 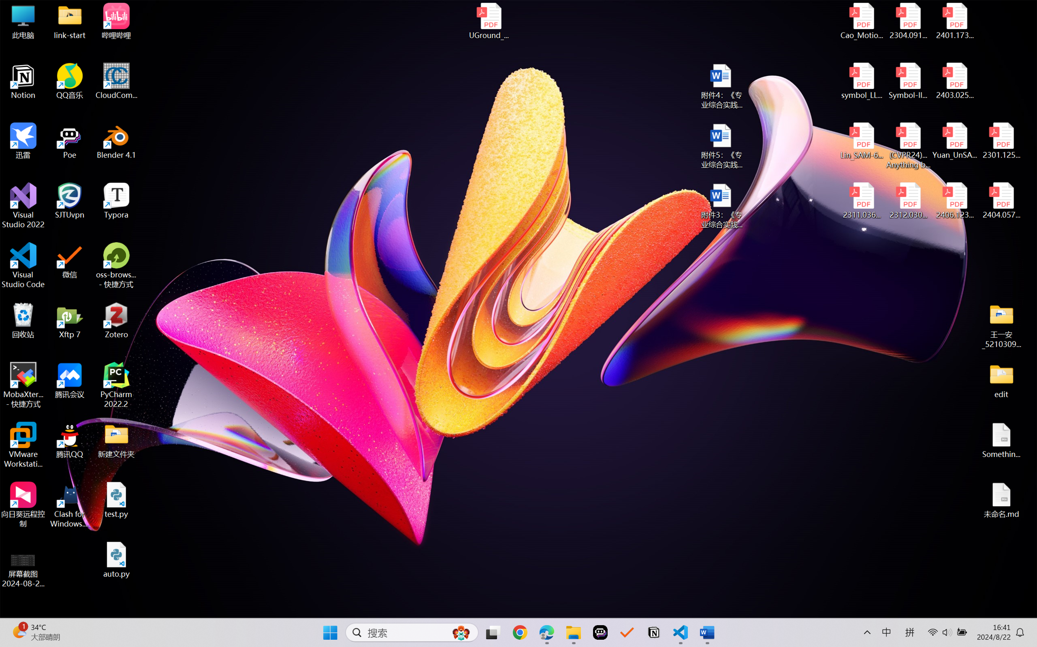 I want to click on 'UGround_paper.pdf', so click(x=489, y=21).